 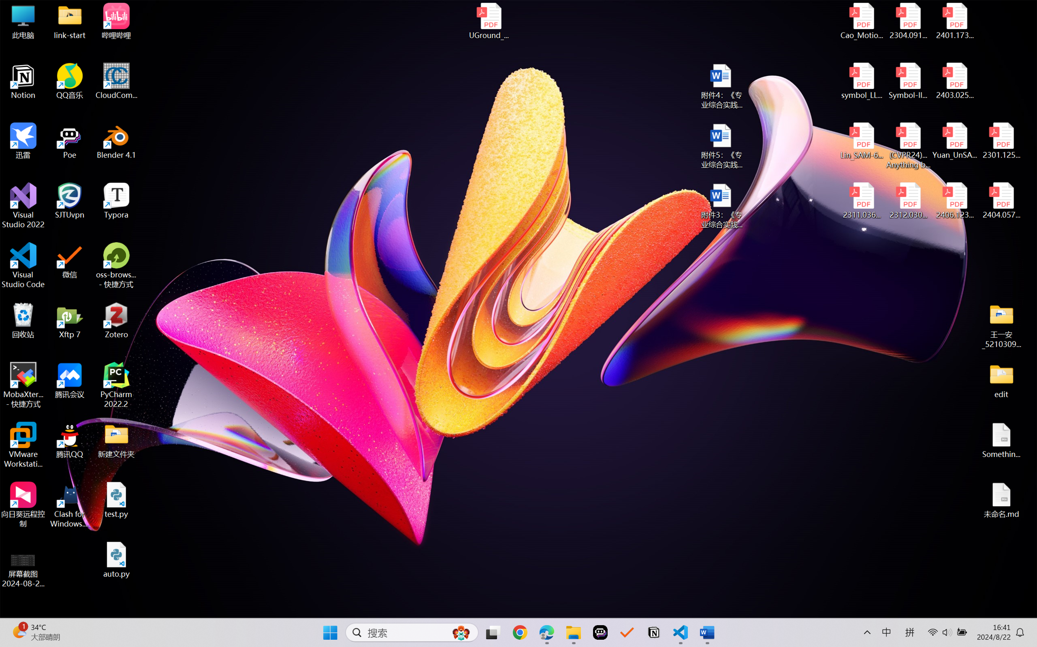 I want to click on 'UGround_paper.pdf', so click(x=489, y=21).